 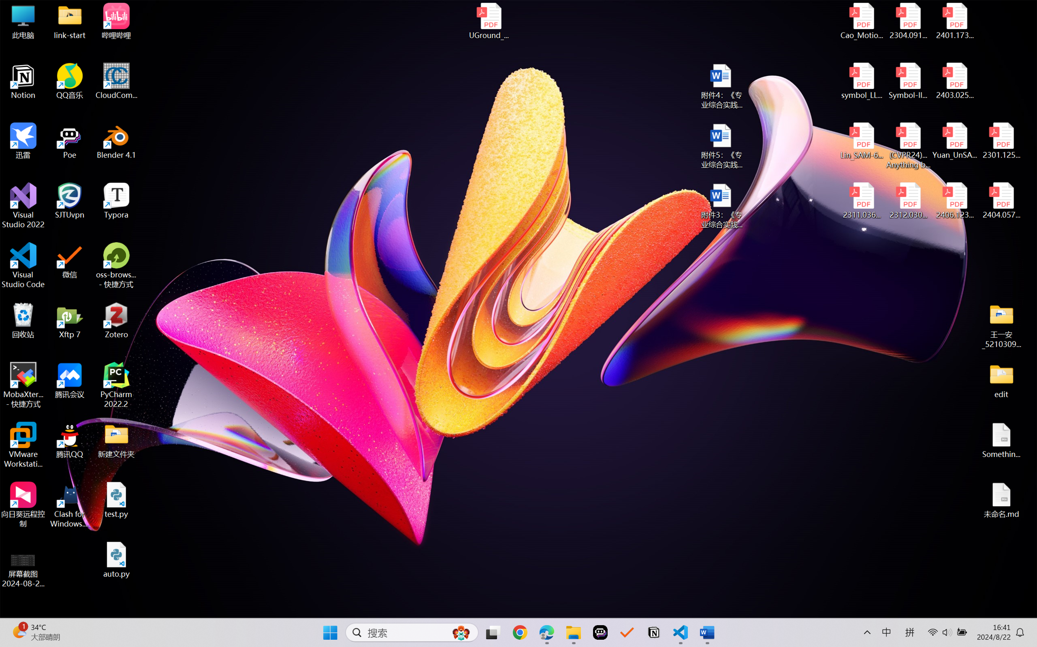 I want to click on 'UGround_paper.pdf', so click(x=489, y=21).